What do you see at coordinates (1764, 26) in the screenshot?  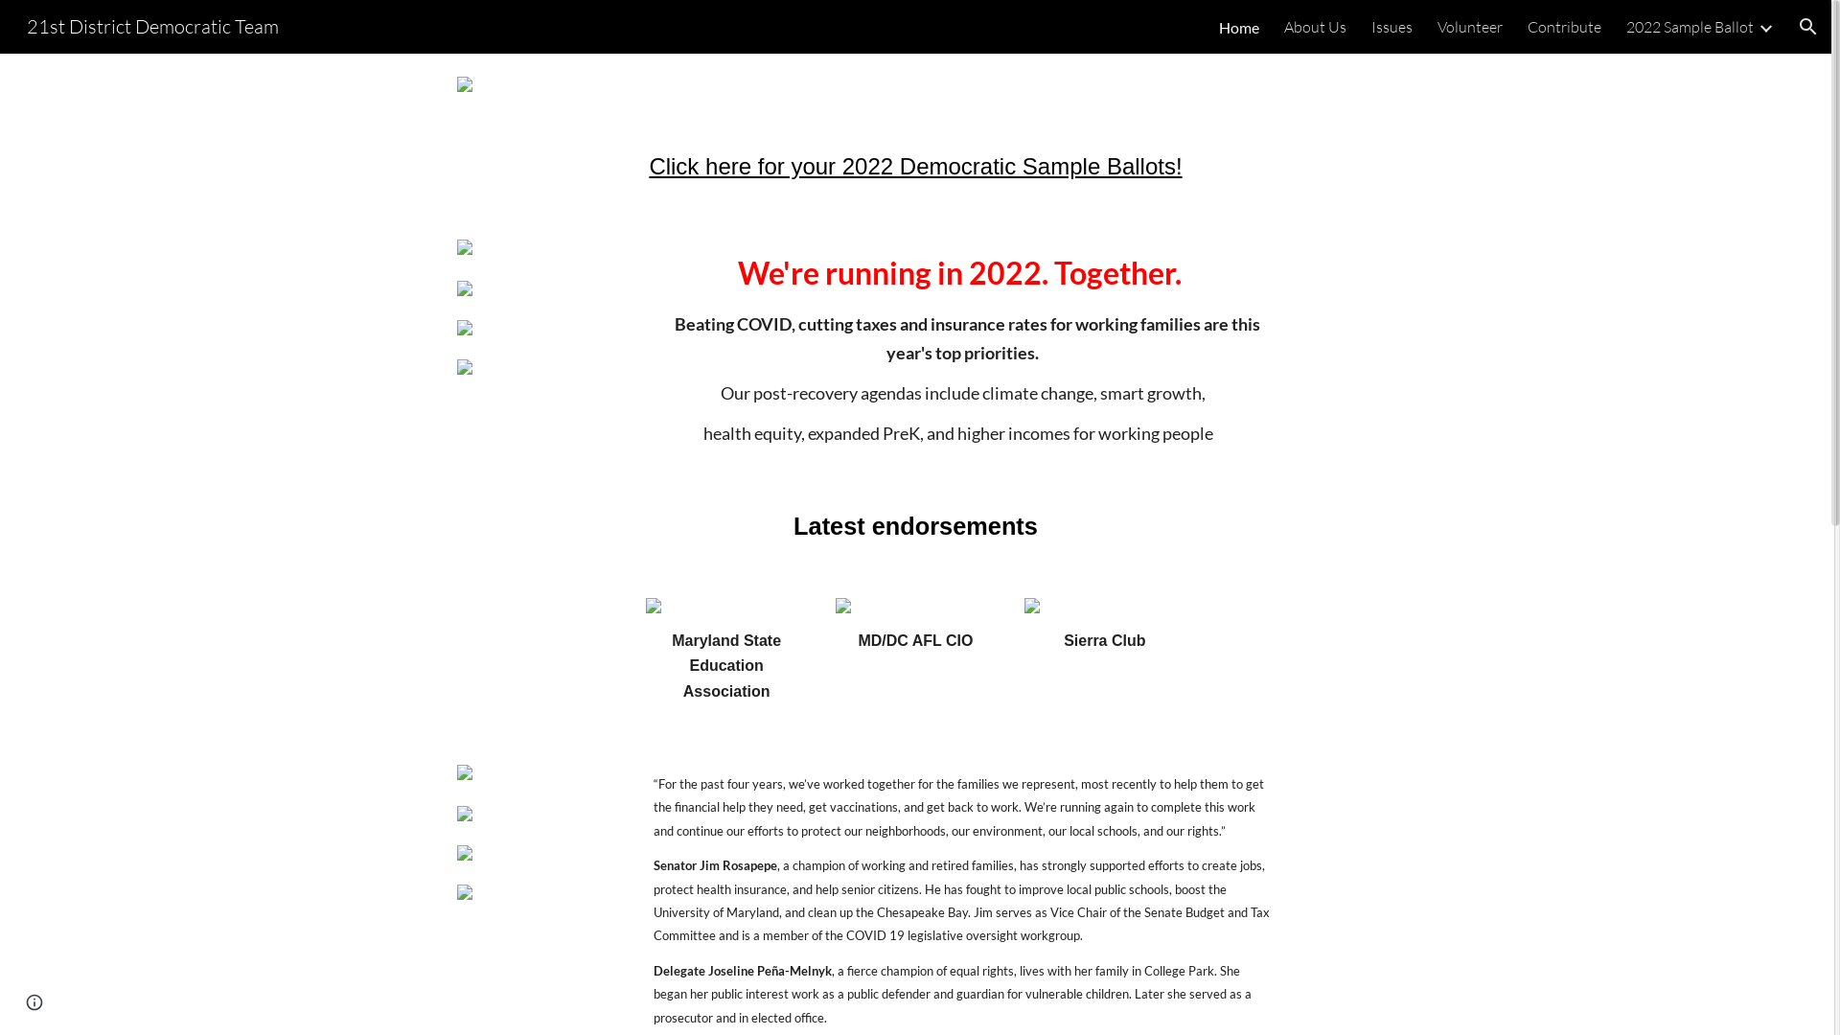 I see `'Expand/Collapse'` at bounding box center [1764, 26].